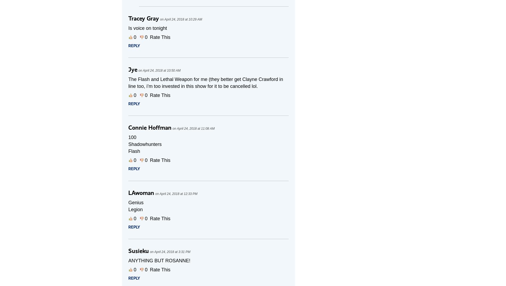 The height and width of the screenshot is (286, 506). Describe the element at coordinates (205, 83) in the screenshot. I see `'The Flash and Lethal Weapon for me (they better get Clayne Crawford in line too, i’m too invested in this show for it to be cancelled lol.'` at that location.